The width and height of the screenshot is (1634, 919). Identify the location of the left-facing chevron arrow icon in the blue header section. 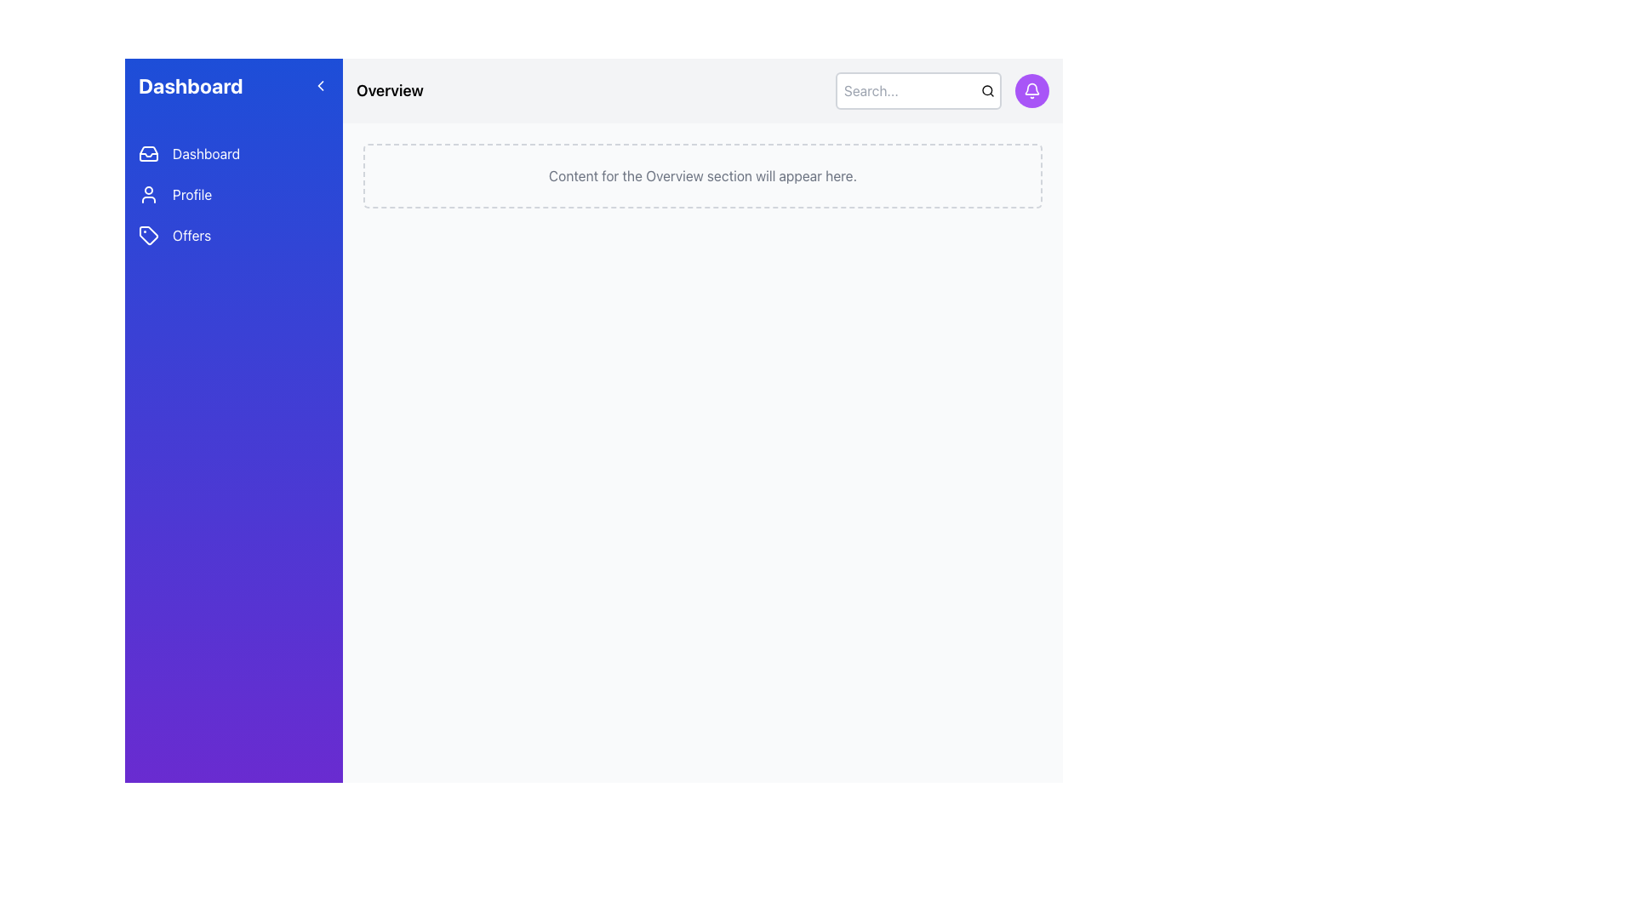
(321, 85).